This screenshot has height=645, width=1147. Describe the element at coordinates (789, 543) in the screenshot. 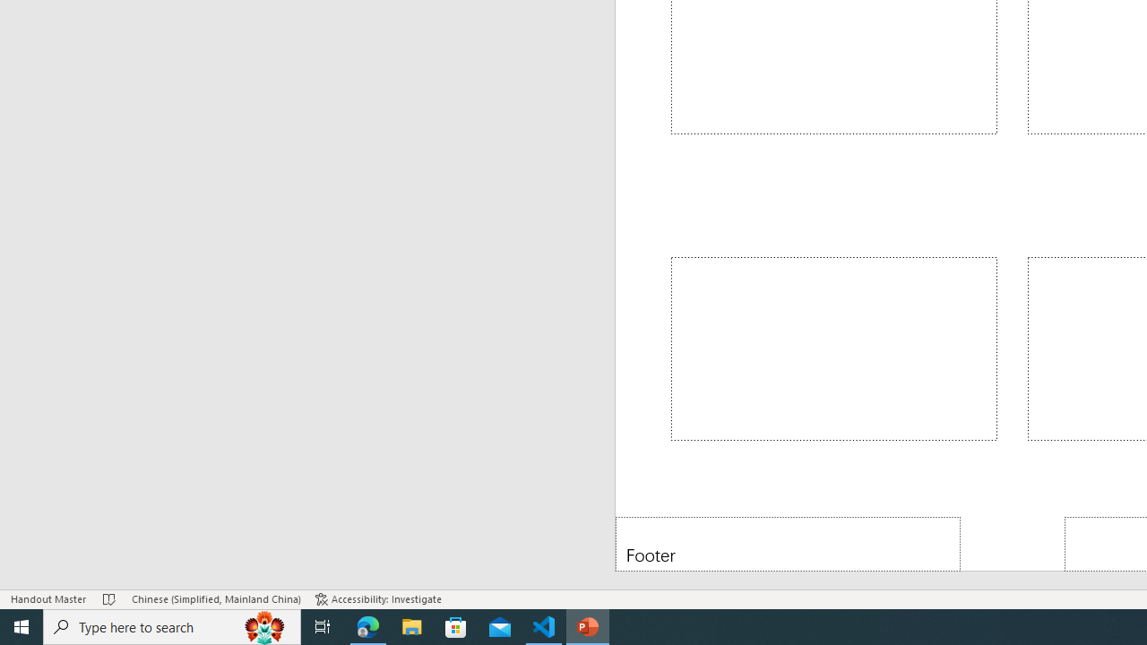

I see `'Footer'` at that location.